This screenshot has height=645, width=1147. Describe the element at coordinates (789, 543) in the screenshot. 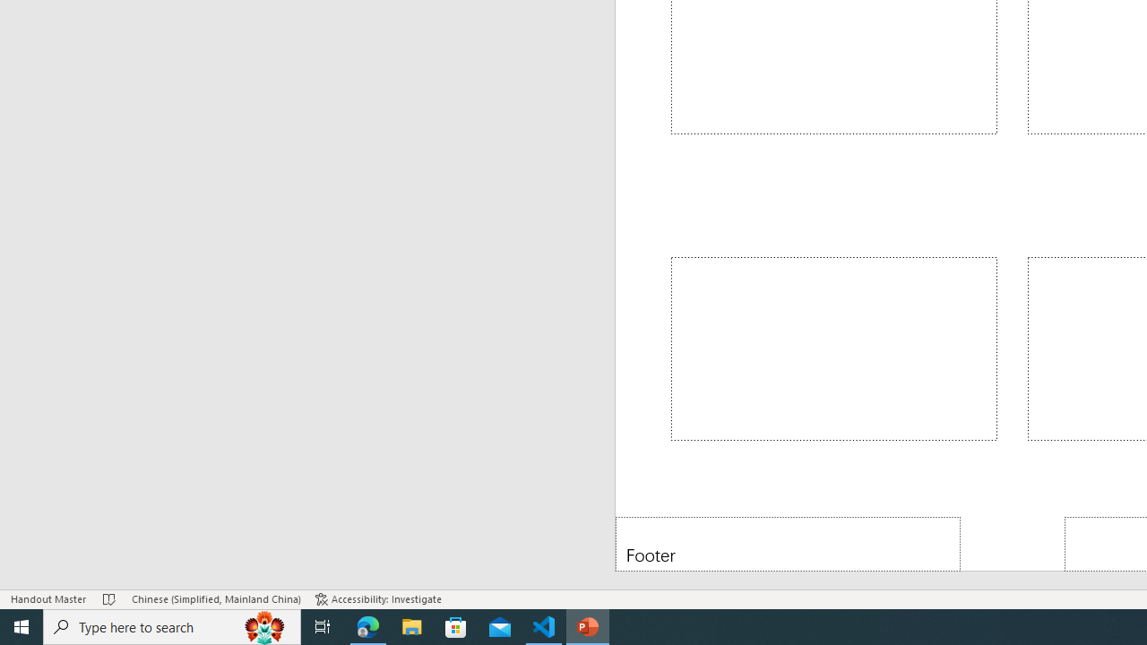

I see `'Footer'` at that location.